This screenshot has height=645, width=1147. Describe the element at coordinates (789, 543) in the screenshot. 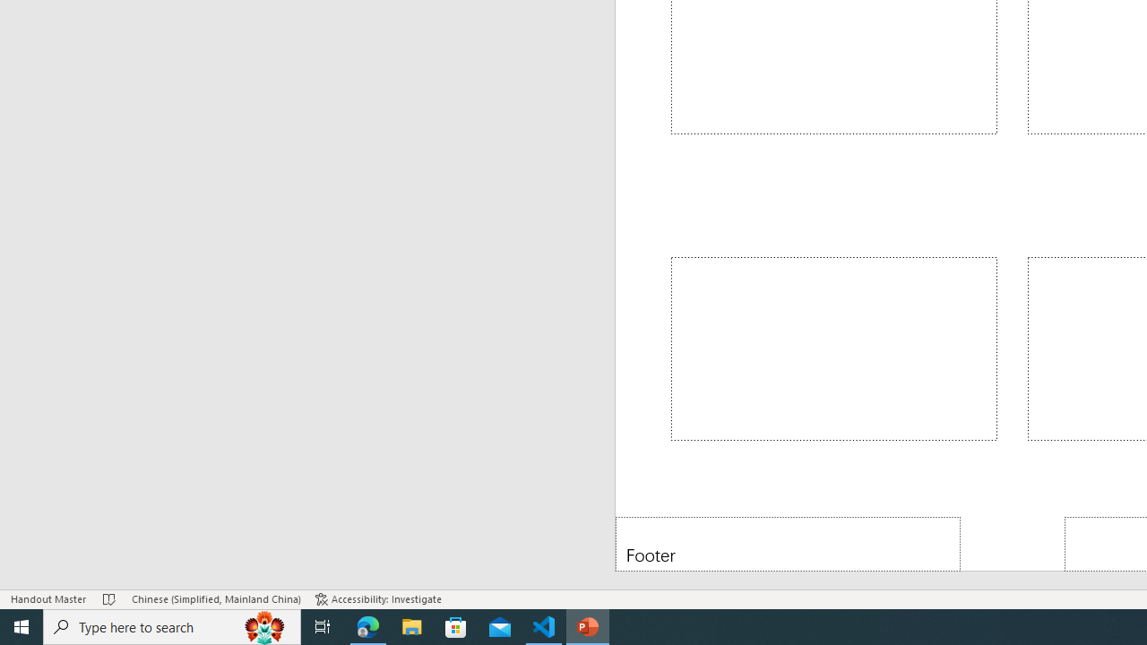

I see `'Footer'` at that location.